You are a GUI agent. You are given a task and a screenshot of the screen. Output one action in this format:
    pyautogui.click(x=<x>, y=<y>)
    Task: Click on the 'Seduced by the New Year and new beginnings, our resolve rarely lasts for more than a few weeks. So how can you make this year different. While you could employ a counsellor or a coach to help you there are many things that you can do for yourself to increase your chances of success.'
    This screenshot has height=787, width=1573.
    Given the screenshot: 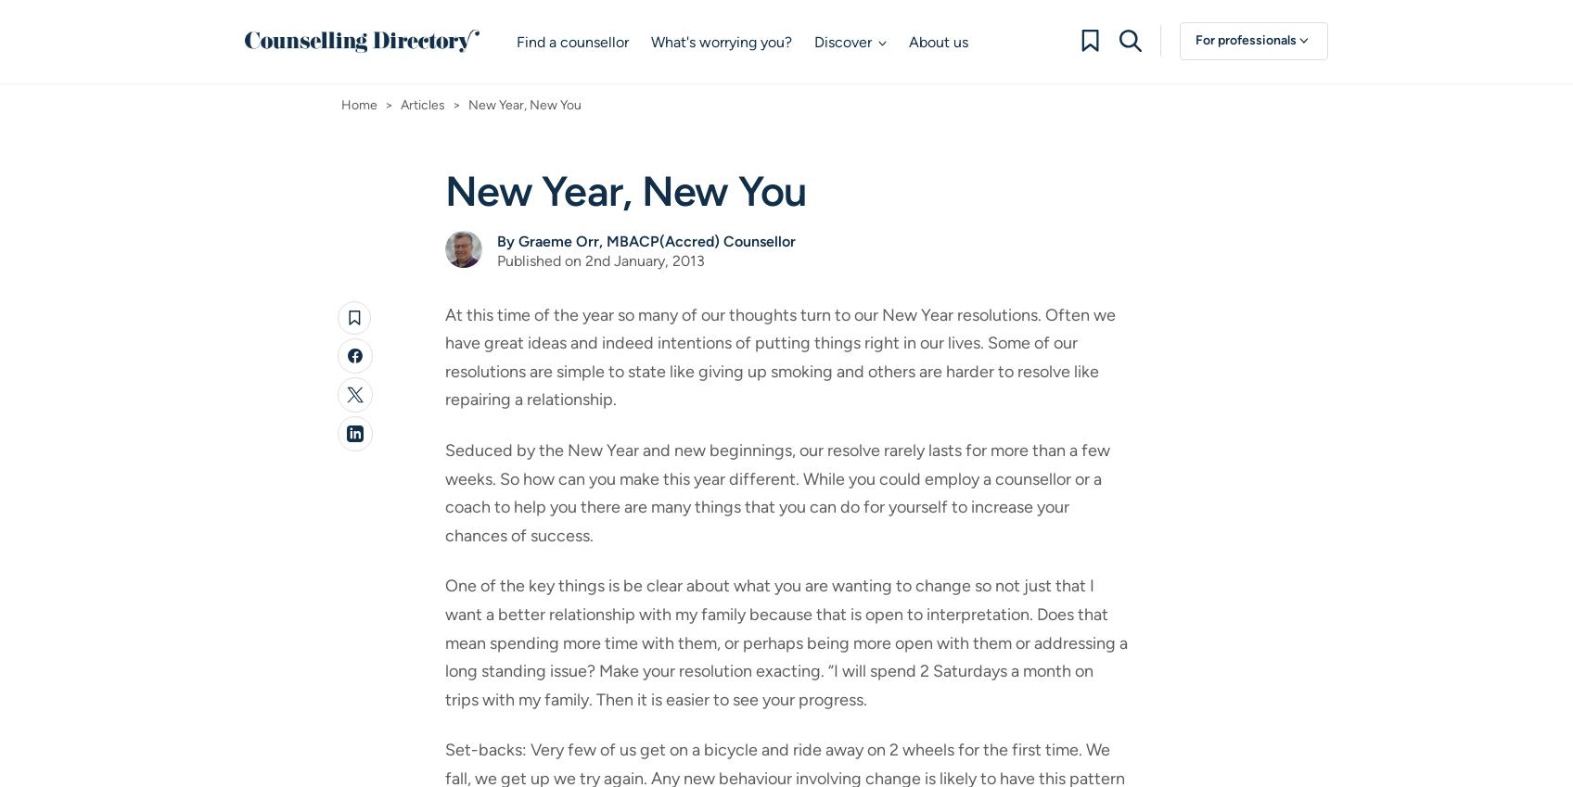 What is the action you would take?
    pyautogui.click(x=776, y=491)
    